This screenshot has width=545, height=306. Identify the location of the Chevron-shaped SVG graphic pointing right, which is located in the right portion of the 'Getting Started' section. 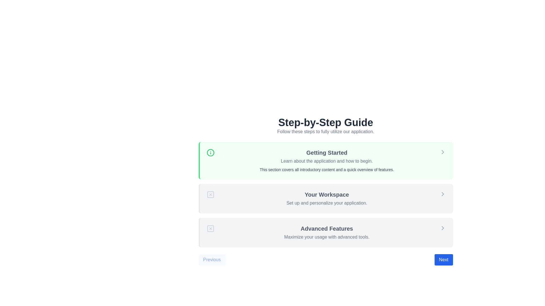
(442, 152).